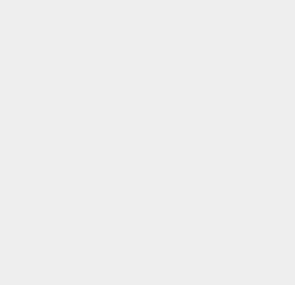 This screenshot has width=295, height=285. Describe the element at coordinates (216, 161) in the screenshot. I see `'Television'` at that location.